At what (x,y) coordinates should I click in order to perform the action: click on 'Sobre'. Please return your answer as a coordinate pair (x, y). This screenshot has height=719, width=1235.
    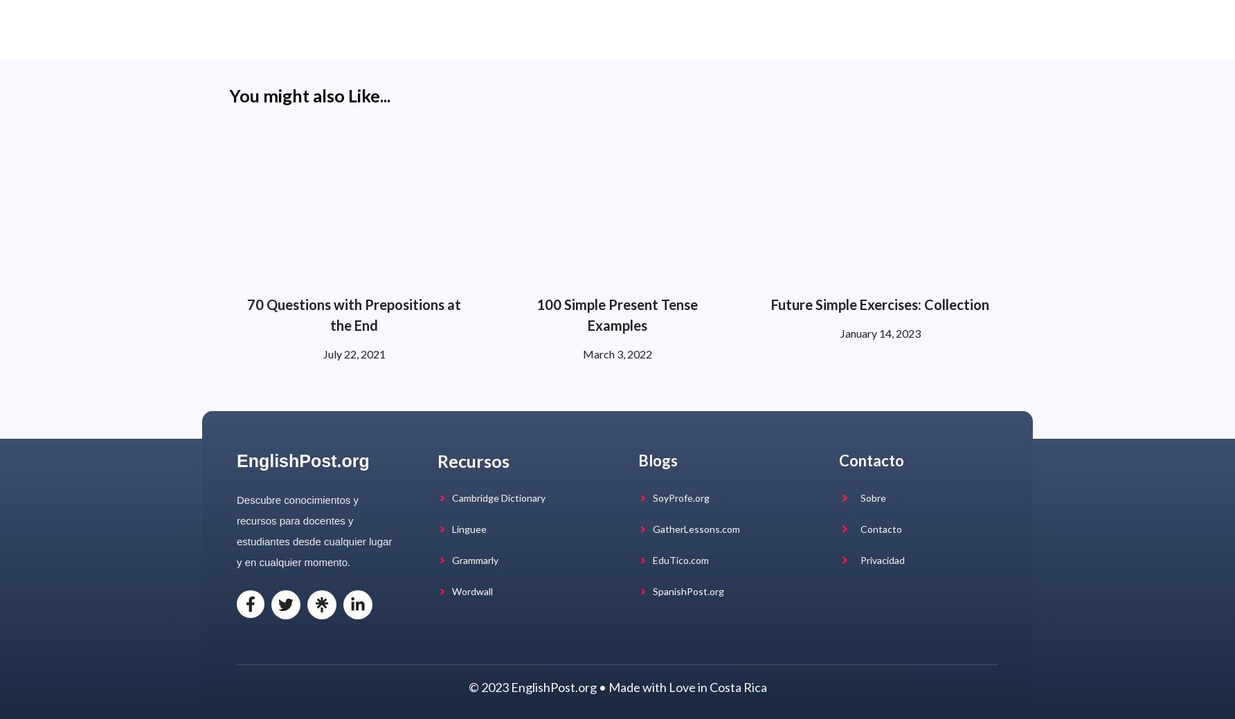
    Looking at the image, I should click on (872, 496).